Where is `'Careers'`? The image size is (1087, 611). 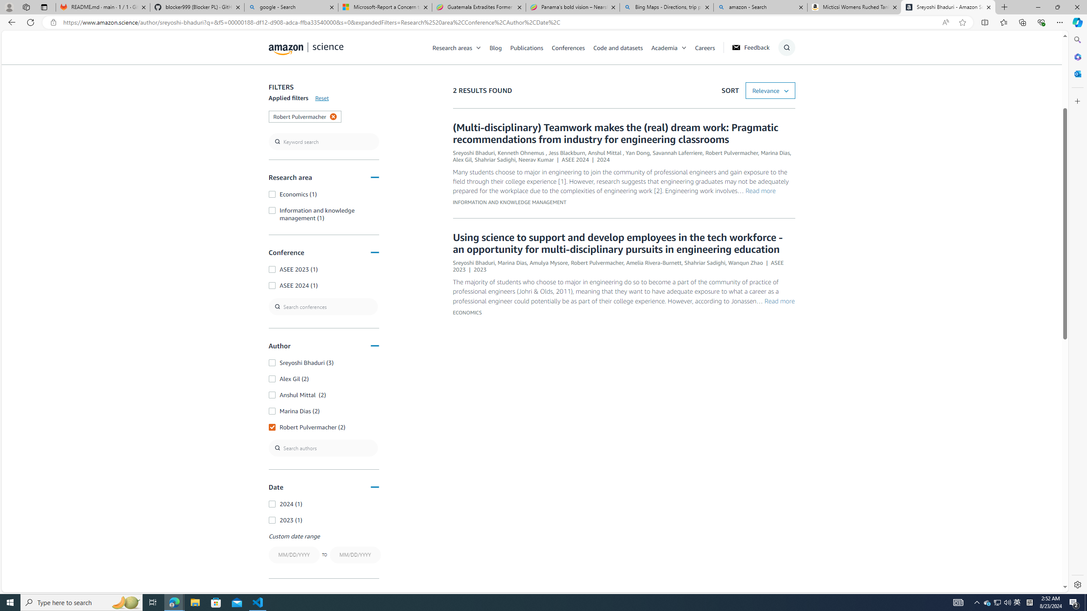
'Careers' is located at coordinates (709, 47).